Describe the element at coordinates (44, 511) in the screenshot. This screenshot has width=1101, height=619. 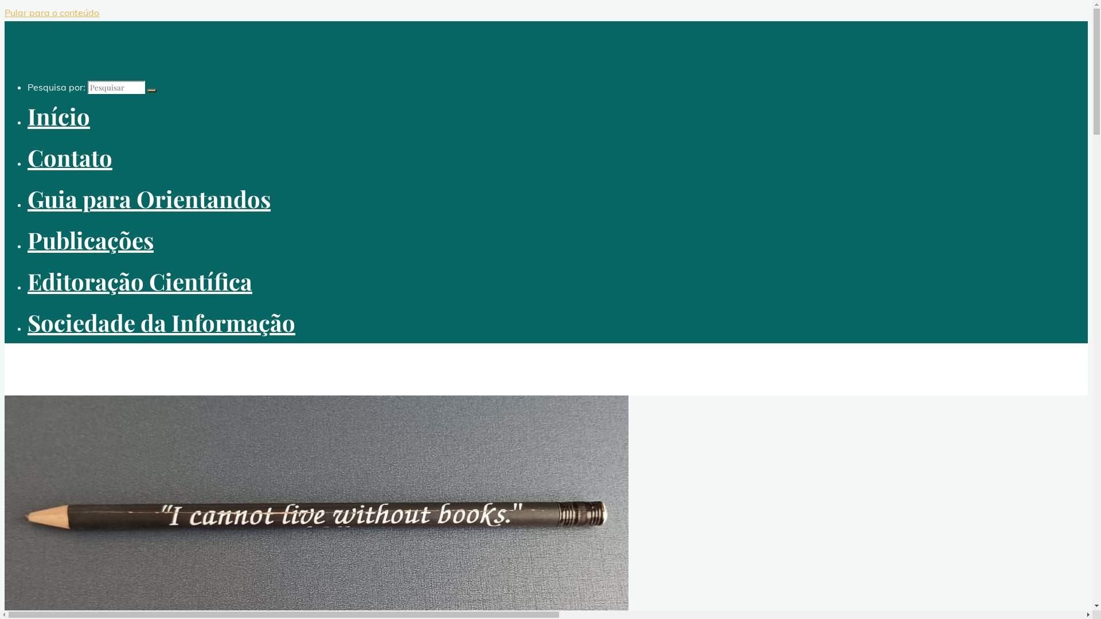
I see `'Contato'` at that location.